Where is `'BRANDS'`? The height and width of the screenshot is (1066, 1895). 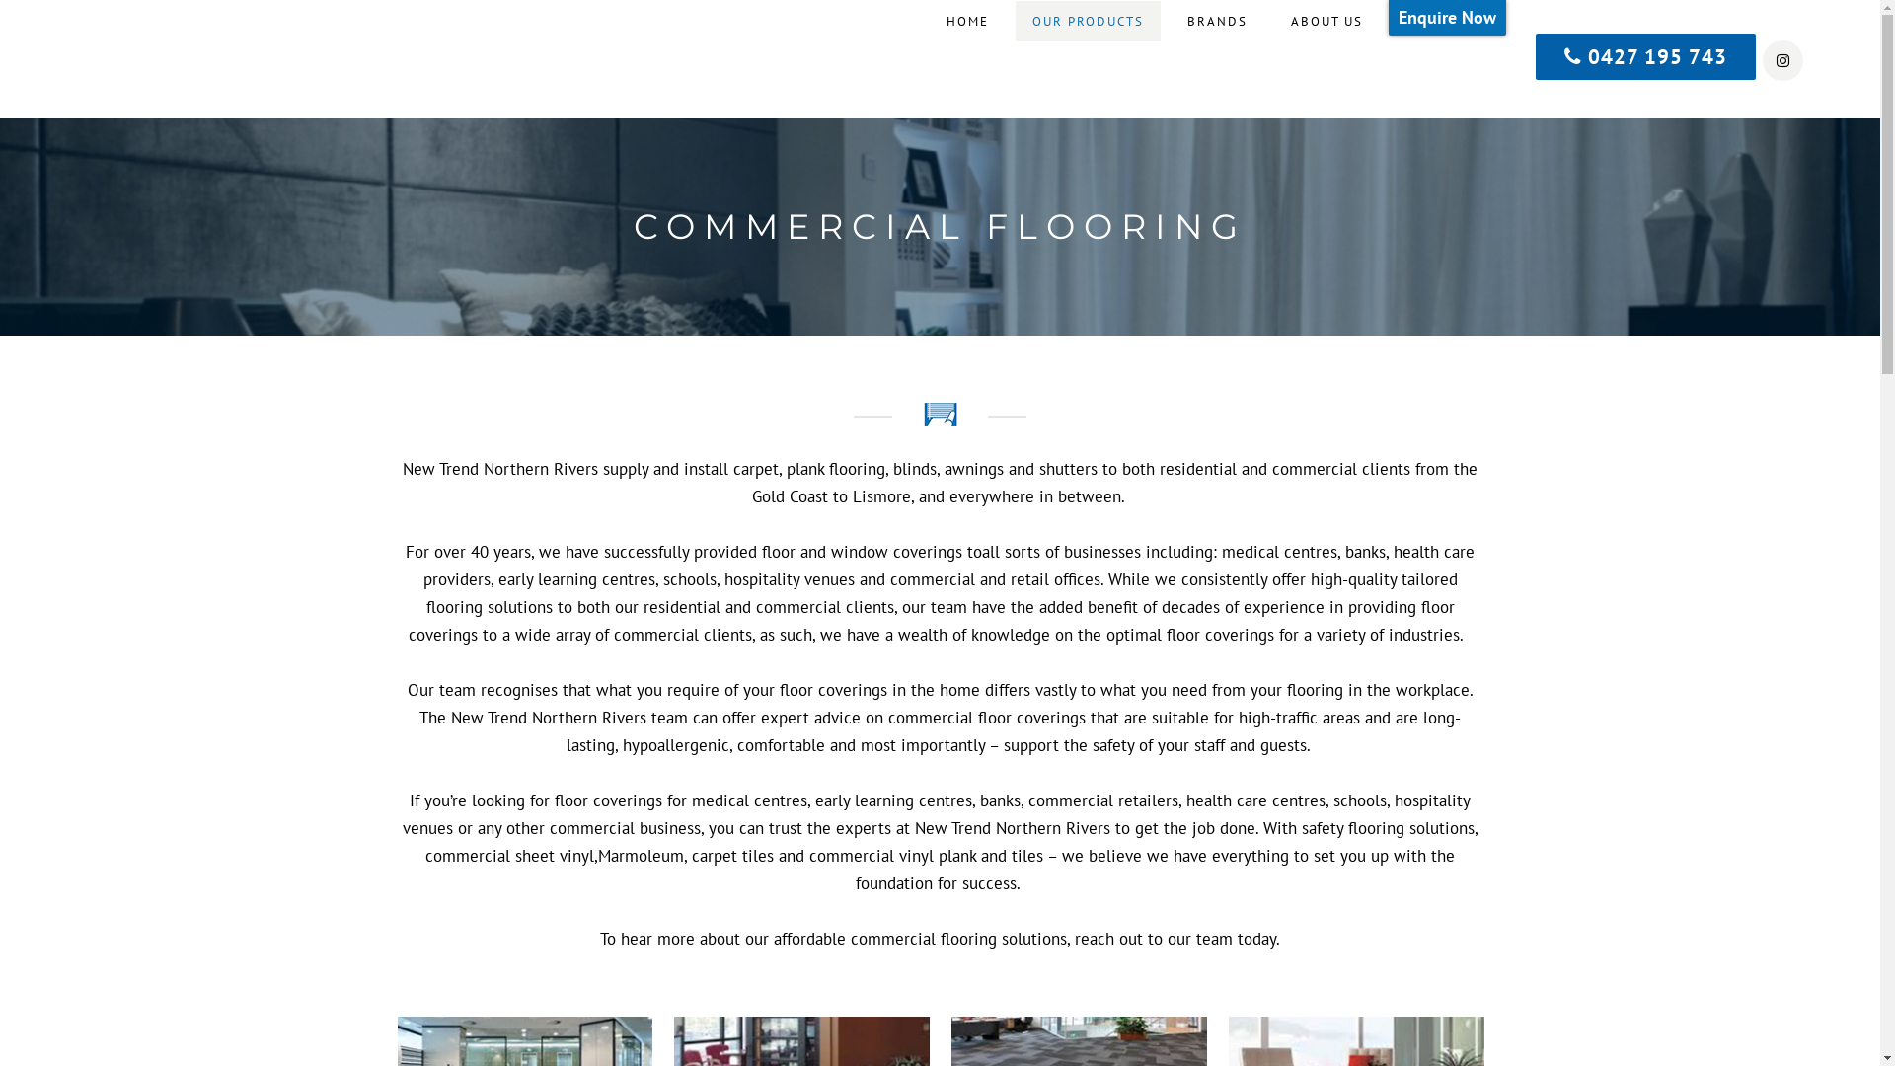 'BRANDS' is located at coordinates (1216, 22).